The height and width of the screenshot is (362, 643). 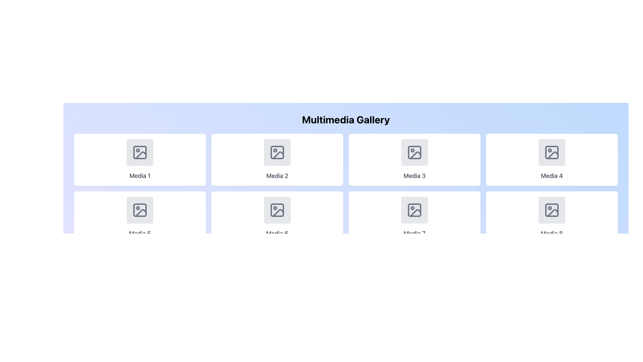 I want to click on the icon labeled 'Media 5' located in the second row, first column of the multimedia gallery grid, which is contained within a light gray rounded rectangular area, so click(x=139, y=210).